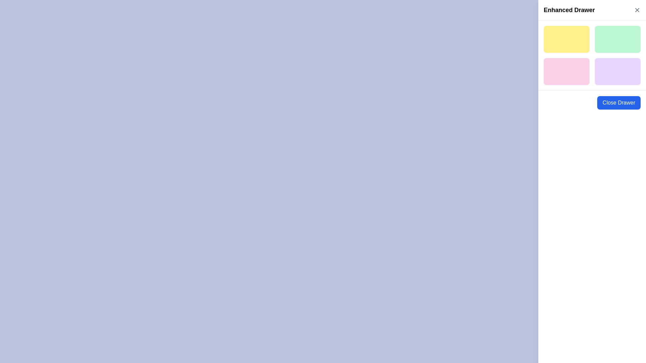 The height and width of the screenshot is (363, 646). Describe the element at coordinates (637, 10) in the screenshot. I see `the close button on the far right side of the 'Enhanced Drawer' header` at that location.